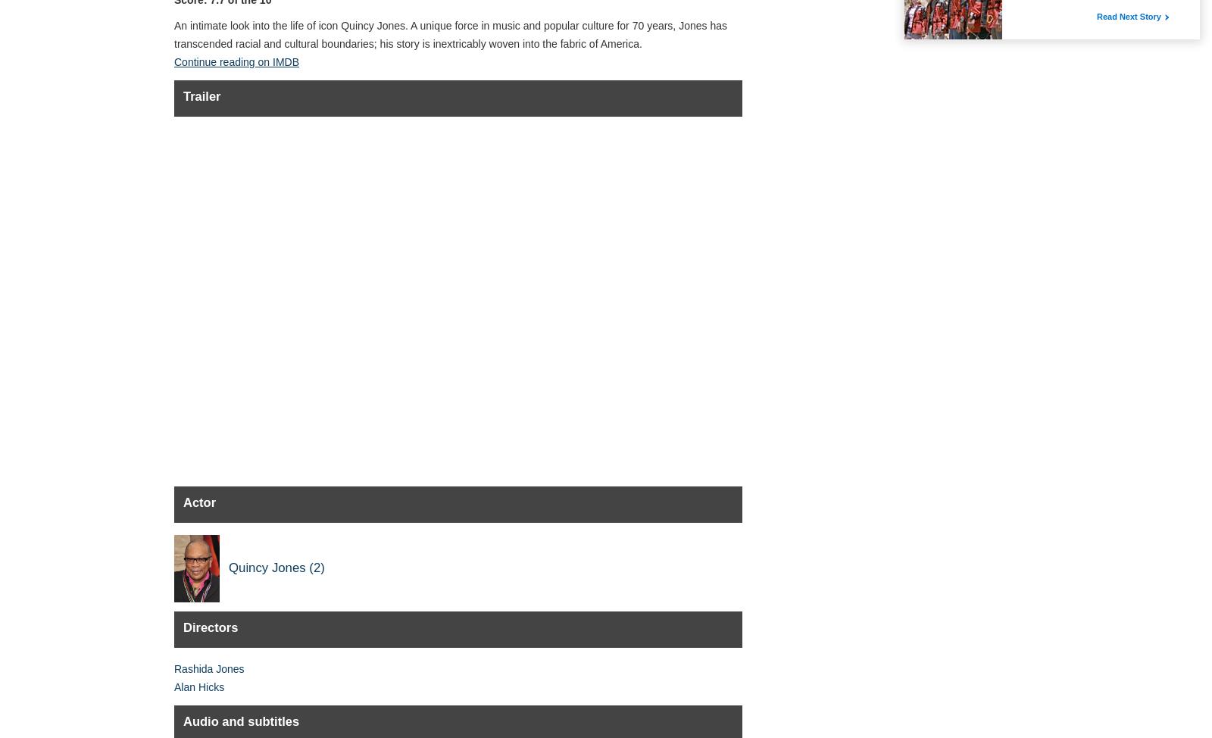 This screenshot has width=1212, height=738. I want to click on 'Directors', so click(183, 627).